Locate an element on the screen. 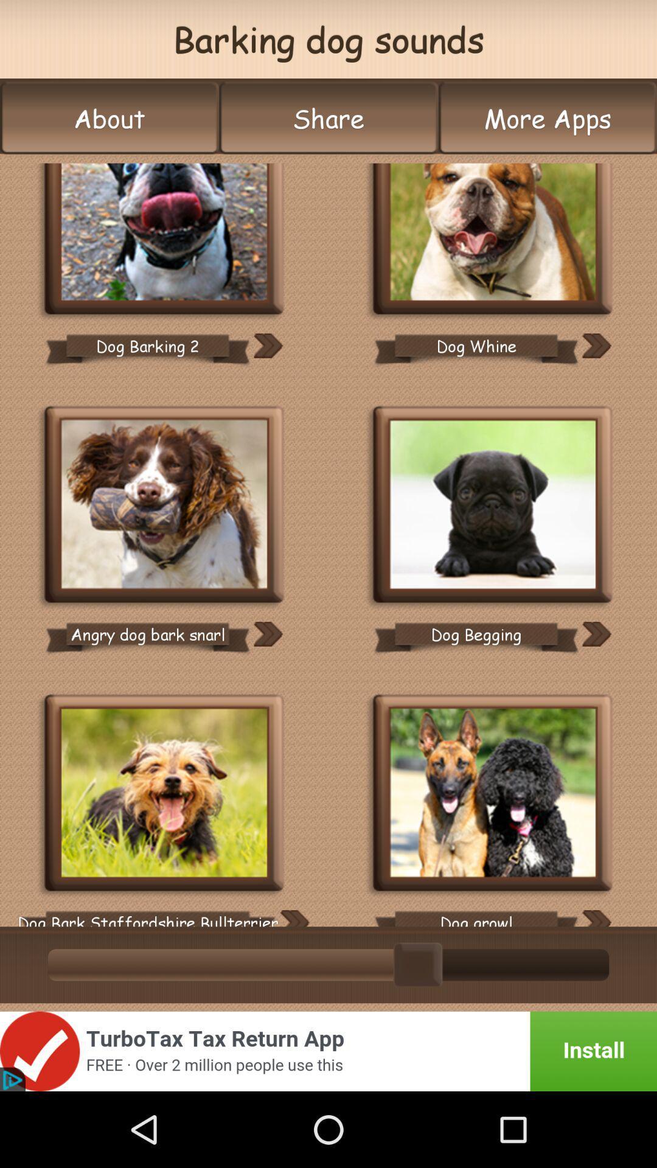  image option is located at coordinates (164, 506).